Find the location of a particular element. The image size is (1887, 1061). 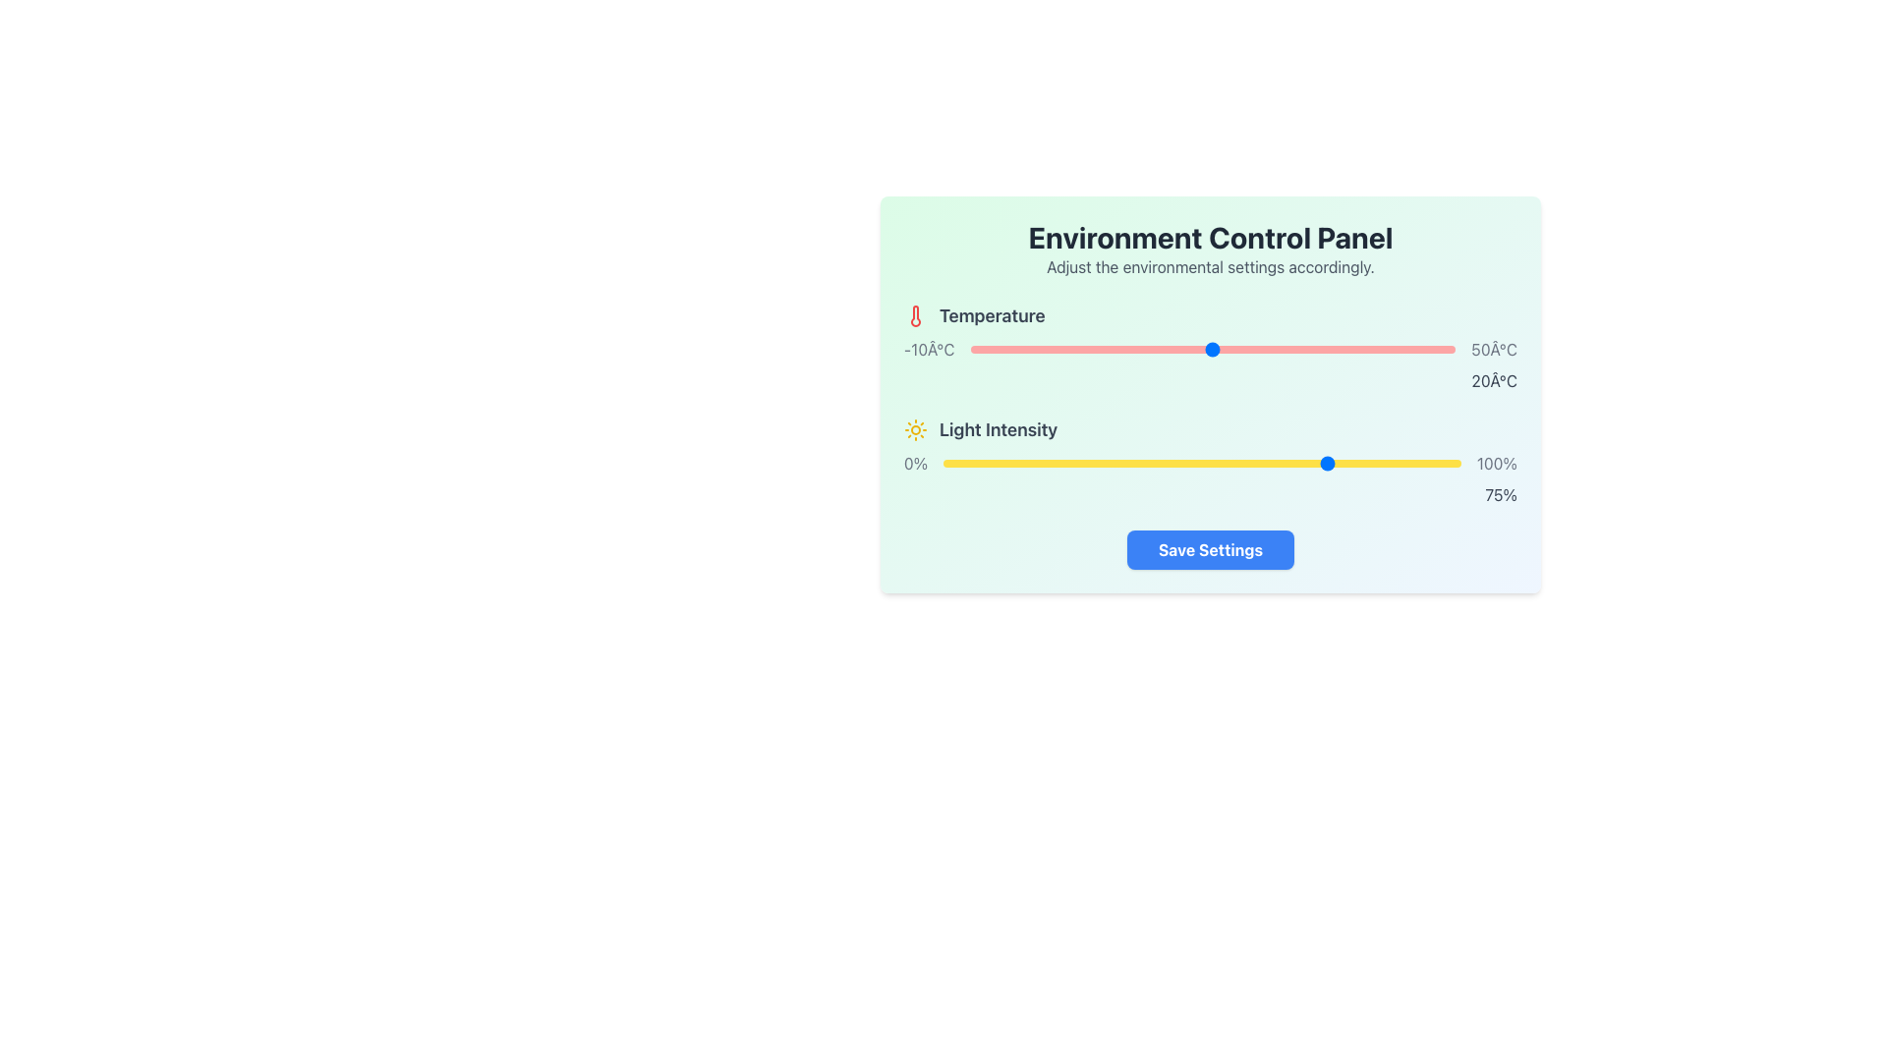

the static text label displaying '50Â°C', which is styled in gray and positioned near the upper-right corner of the grouped components, adjacent to a slider control is located at coordinates (1494, 348).